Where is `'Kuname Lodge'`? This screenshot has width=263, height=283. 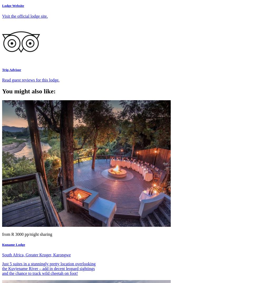
'Kuname Lodge' is located at coordinates (13, 244).